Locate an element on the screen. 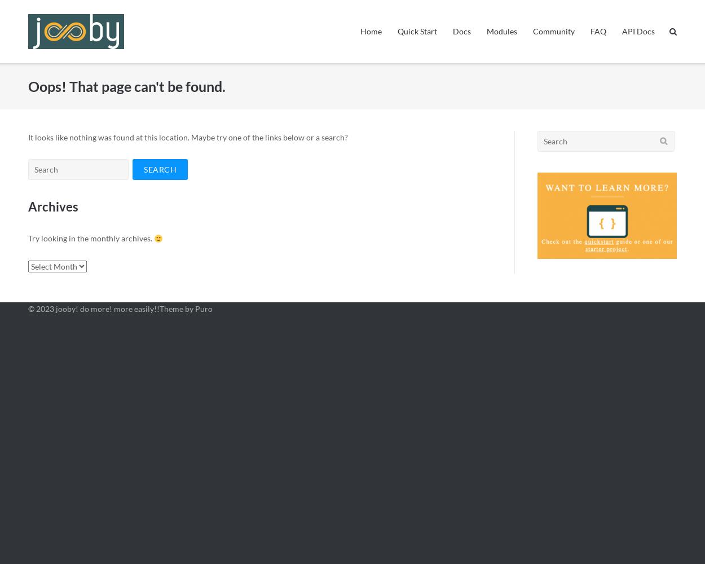 The width and height of the screenshot is (705, 564). 'Oops! That page can't be found.' is located at coordinates (126, 86).